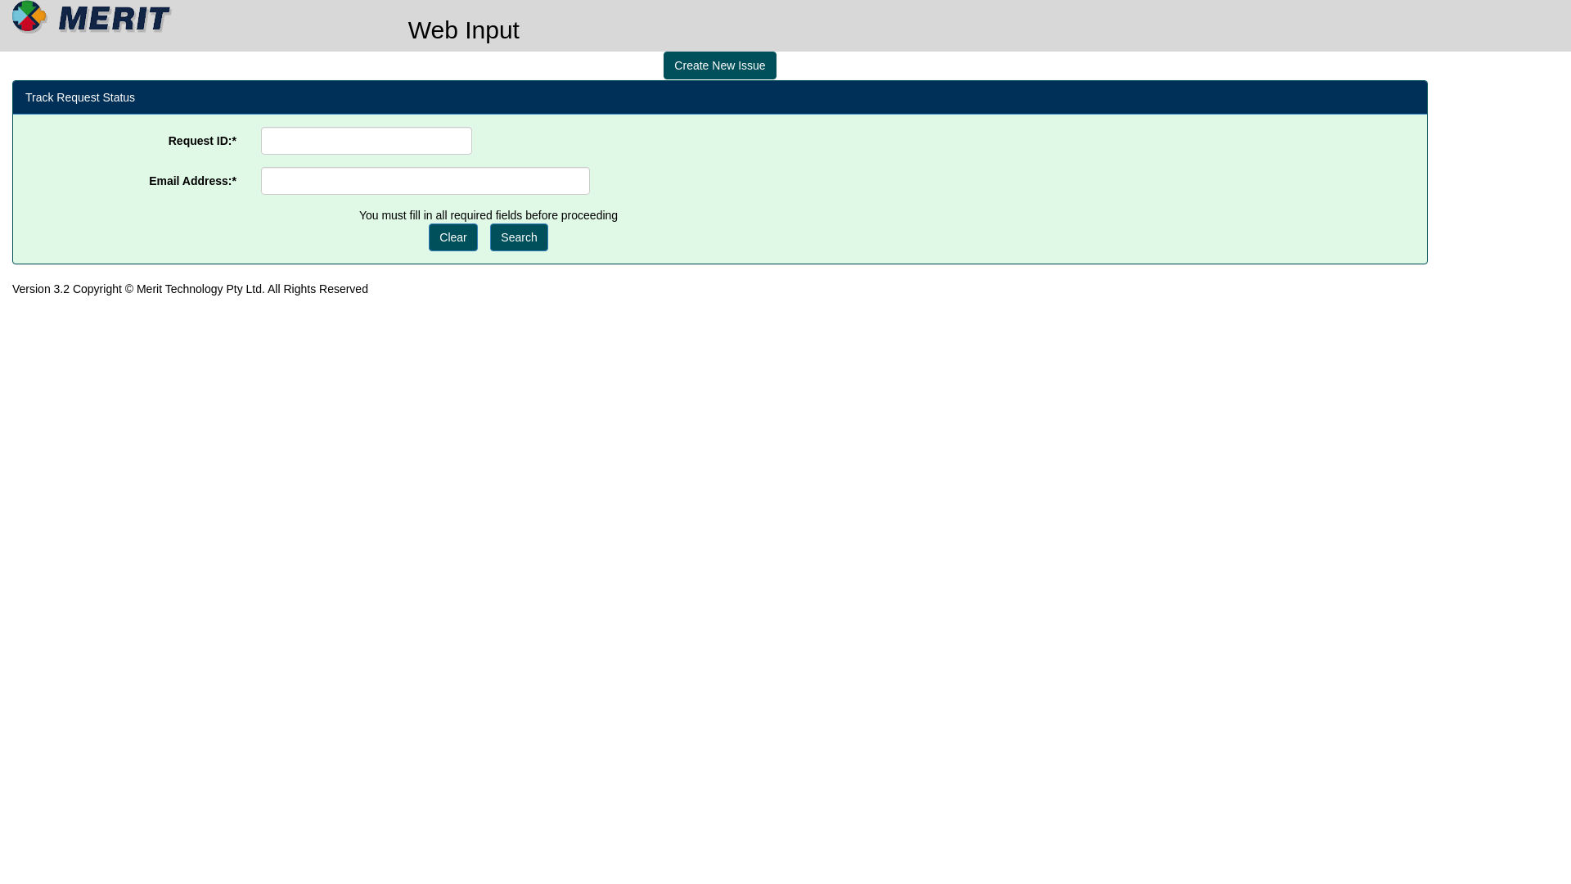 This screenshot has width=1571, height=884. I want to click on 'Create New Issue', so click(664, 65).